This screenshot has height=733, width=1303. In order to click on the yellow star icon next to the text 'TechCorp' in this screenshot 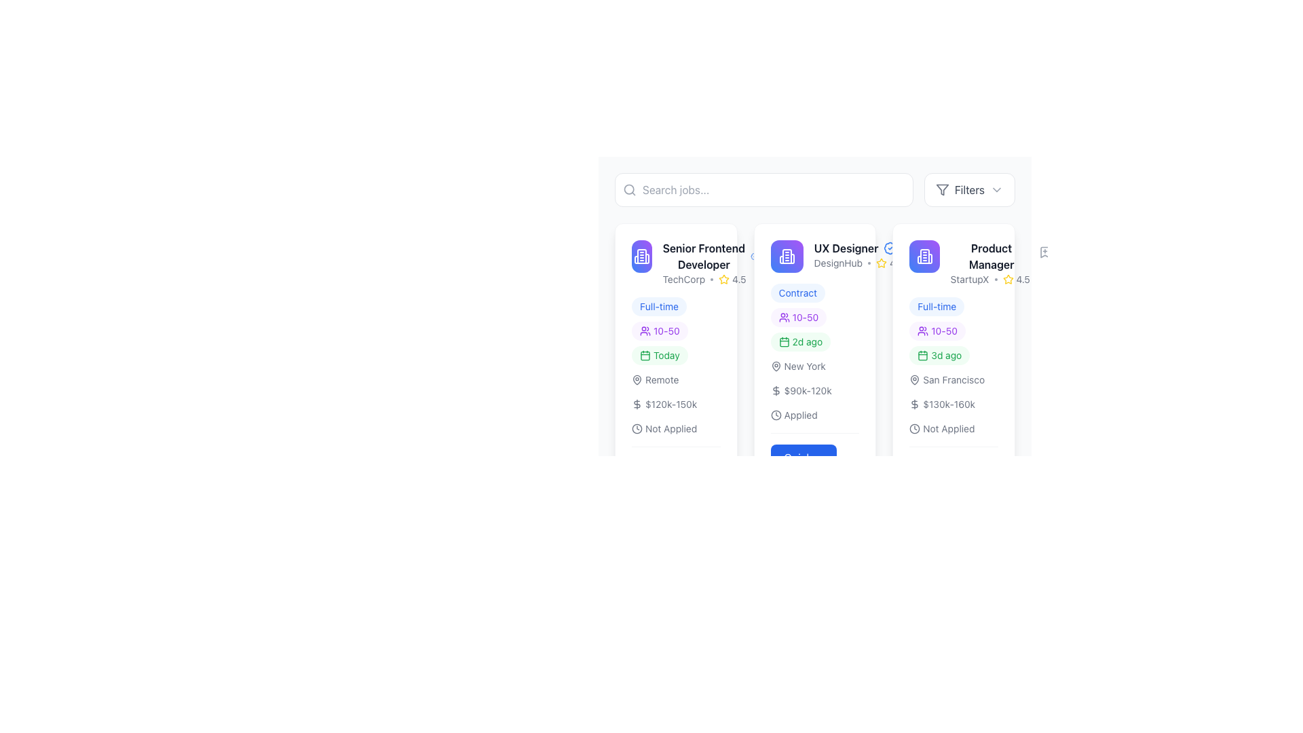, I will do `click(710, 279)`.